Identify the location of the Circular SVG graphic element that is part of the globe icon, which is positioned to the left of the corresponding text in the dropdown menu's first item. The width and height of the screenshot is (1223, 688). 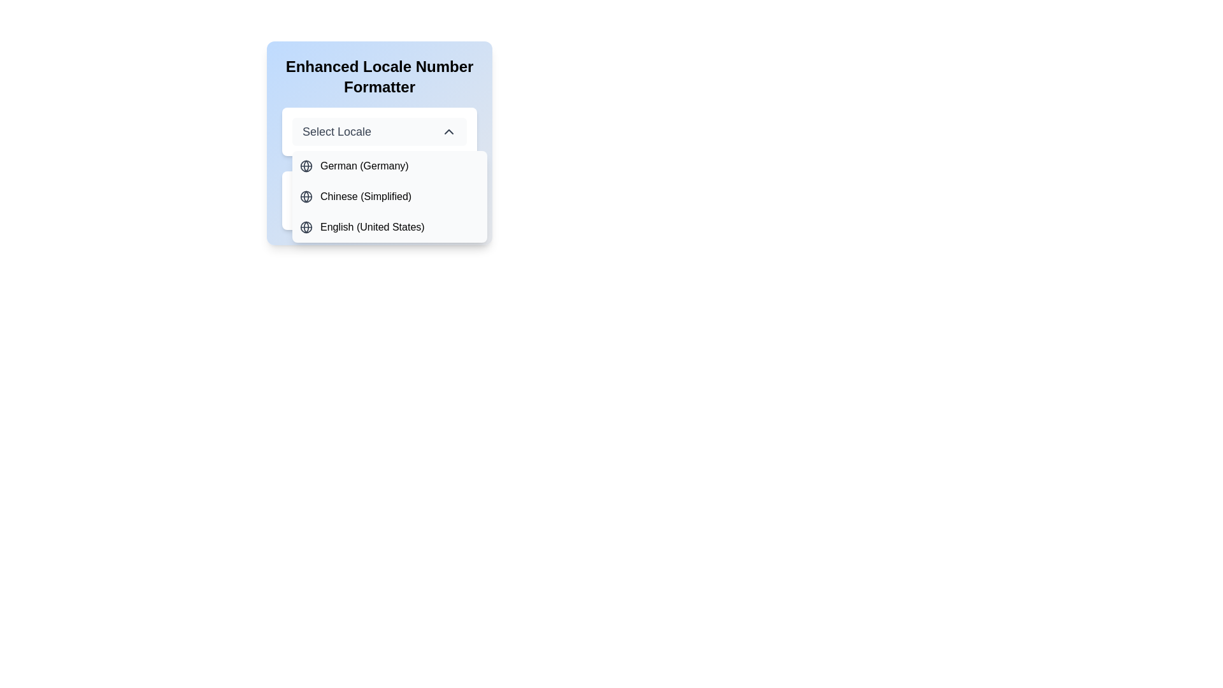
(306, 196).